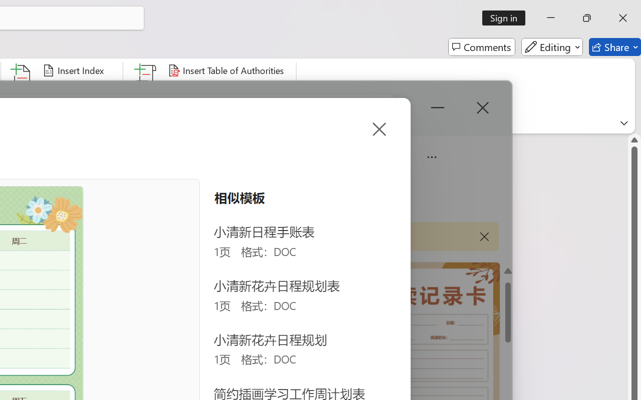 The image size is (641, 400). Describe the element at coordinates (634, 140) in the screenshot. I see `'Line up'` at that location.